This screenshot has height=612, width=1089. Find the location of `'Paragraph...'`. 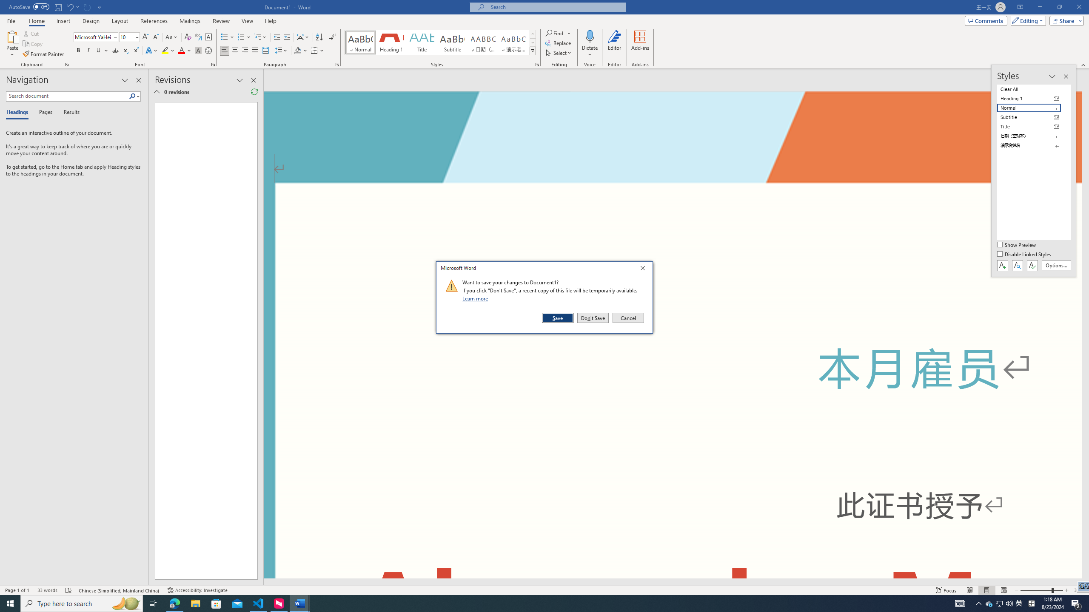

'Paragraph...' is located at coordinates (337, 64).